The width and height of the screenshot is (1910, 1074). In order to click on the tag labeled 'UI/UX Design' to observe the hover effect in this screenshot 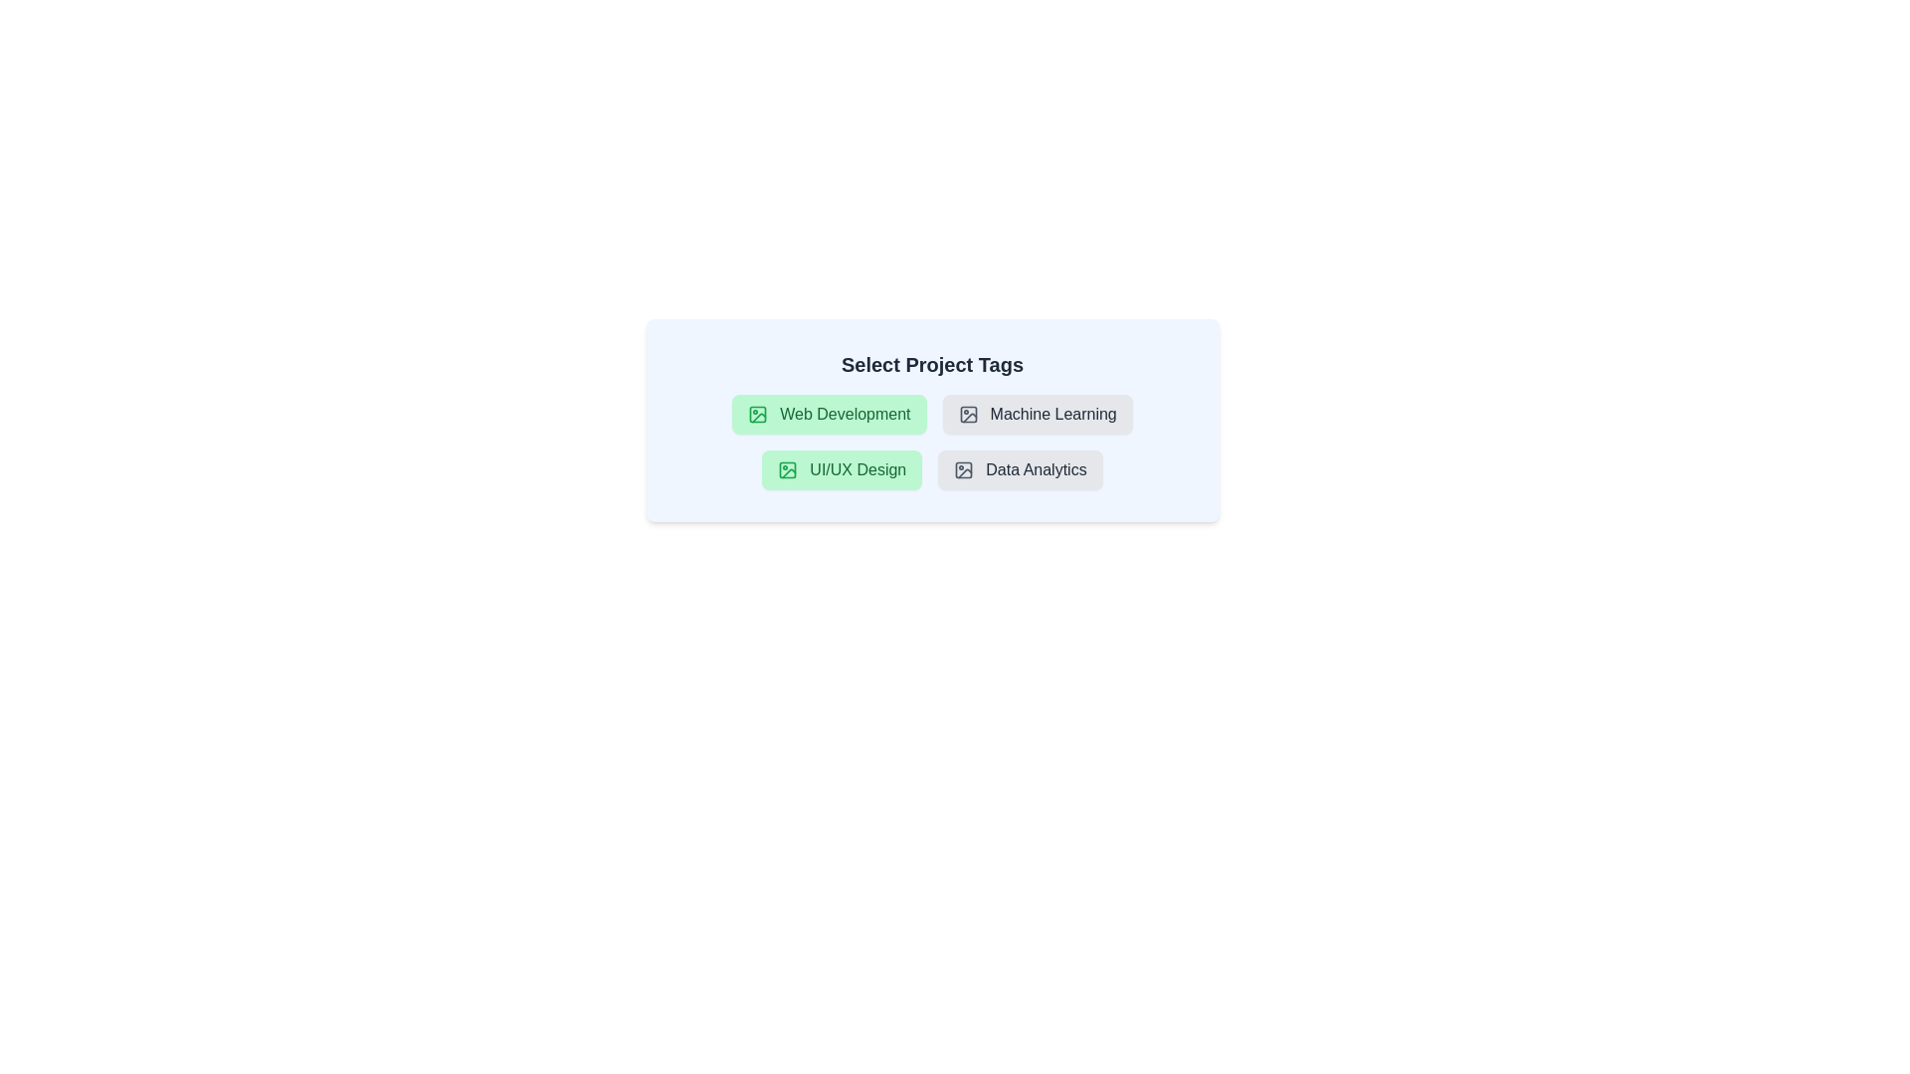, I will do `click(842, 470)`.